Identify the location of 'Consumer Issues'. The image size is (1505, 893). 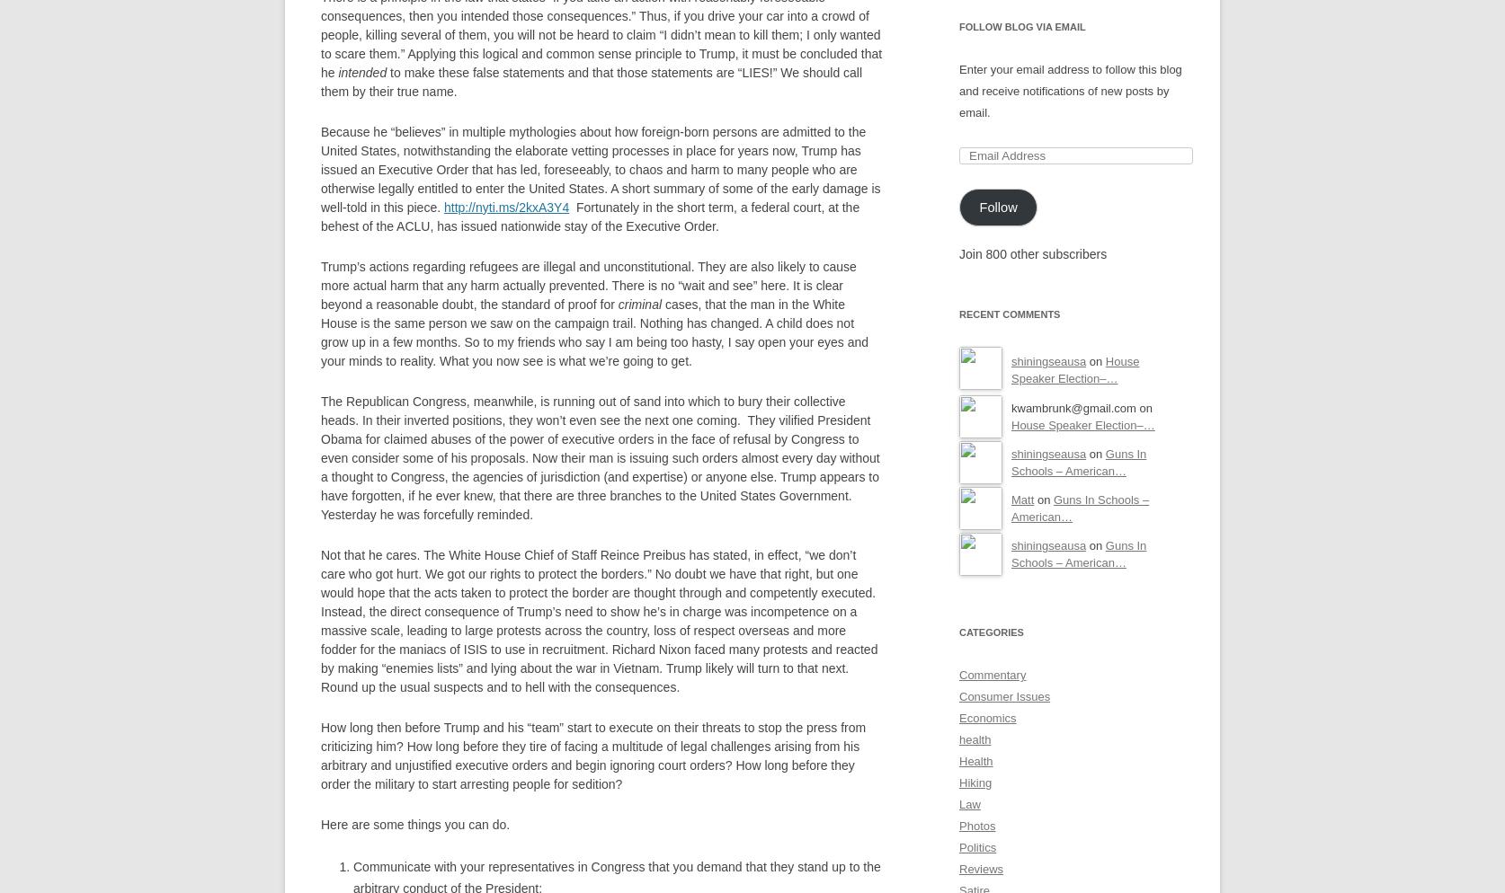
(1004, 695).